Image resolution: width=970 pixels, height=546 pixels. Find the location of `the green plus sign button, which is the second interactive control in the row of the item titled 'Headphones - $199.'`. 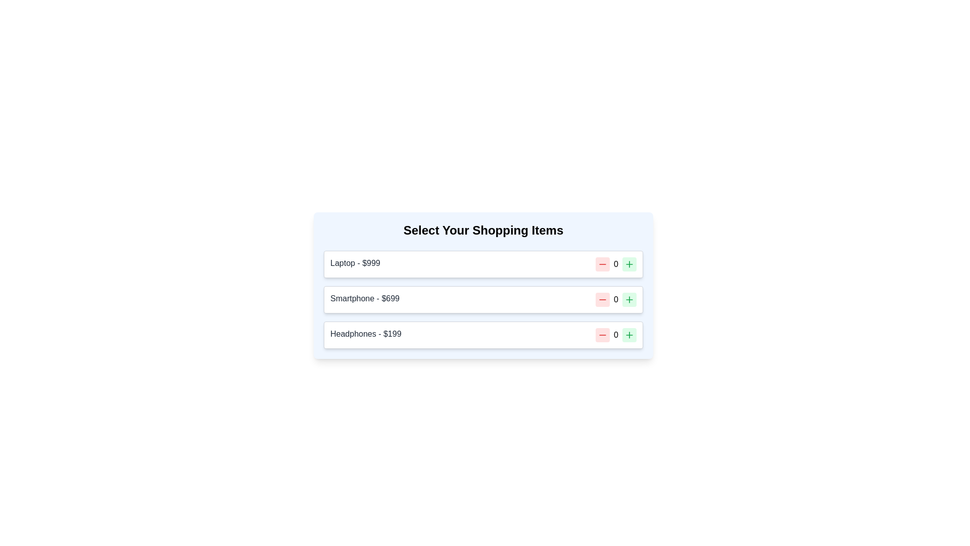

the green plus sign button, which is the second interactive control in the row of the item titled 'Headphones - $199.' is located at coordinates (629, 335).